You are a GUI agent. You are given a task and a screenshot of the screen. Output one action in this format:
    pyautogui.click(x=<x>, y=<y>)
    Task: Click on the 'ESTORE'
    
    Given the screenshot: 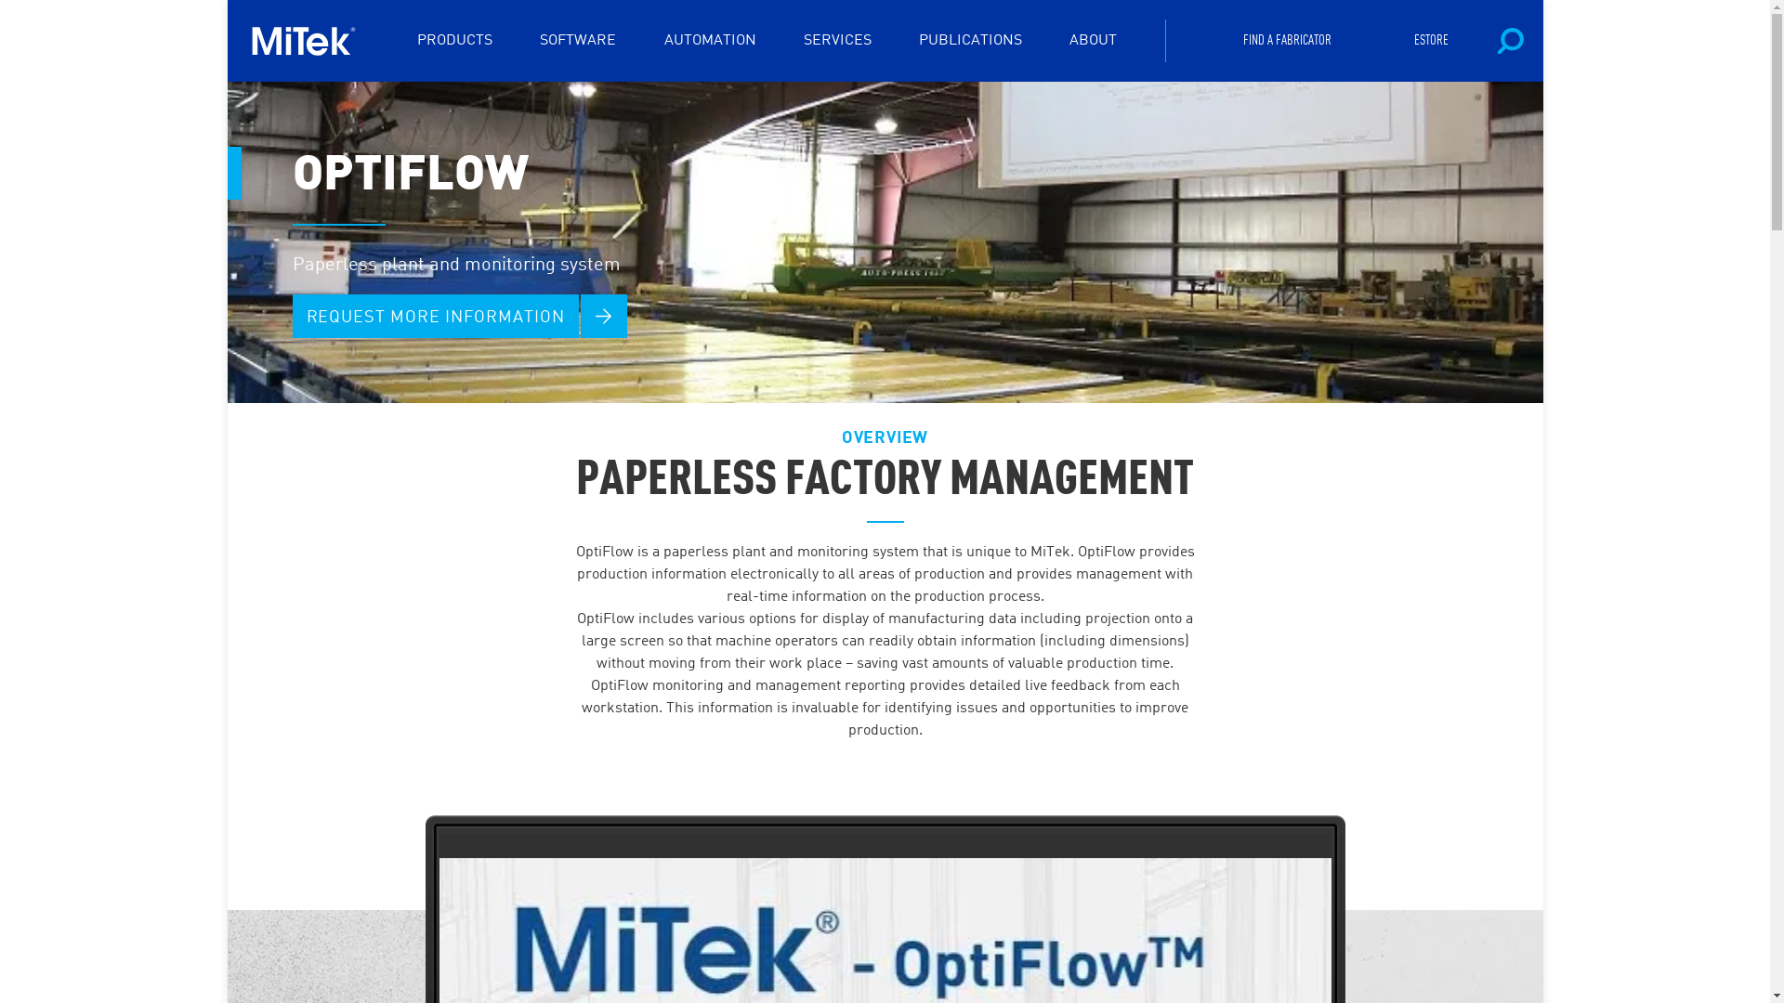 What is the action you would take?
    pyautogui.click(x=1430, y=40)
    